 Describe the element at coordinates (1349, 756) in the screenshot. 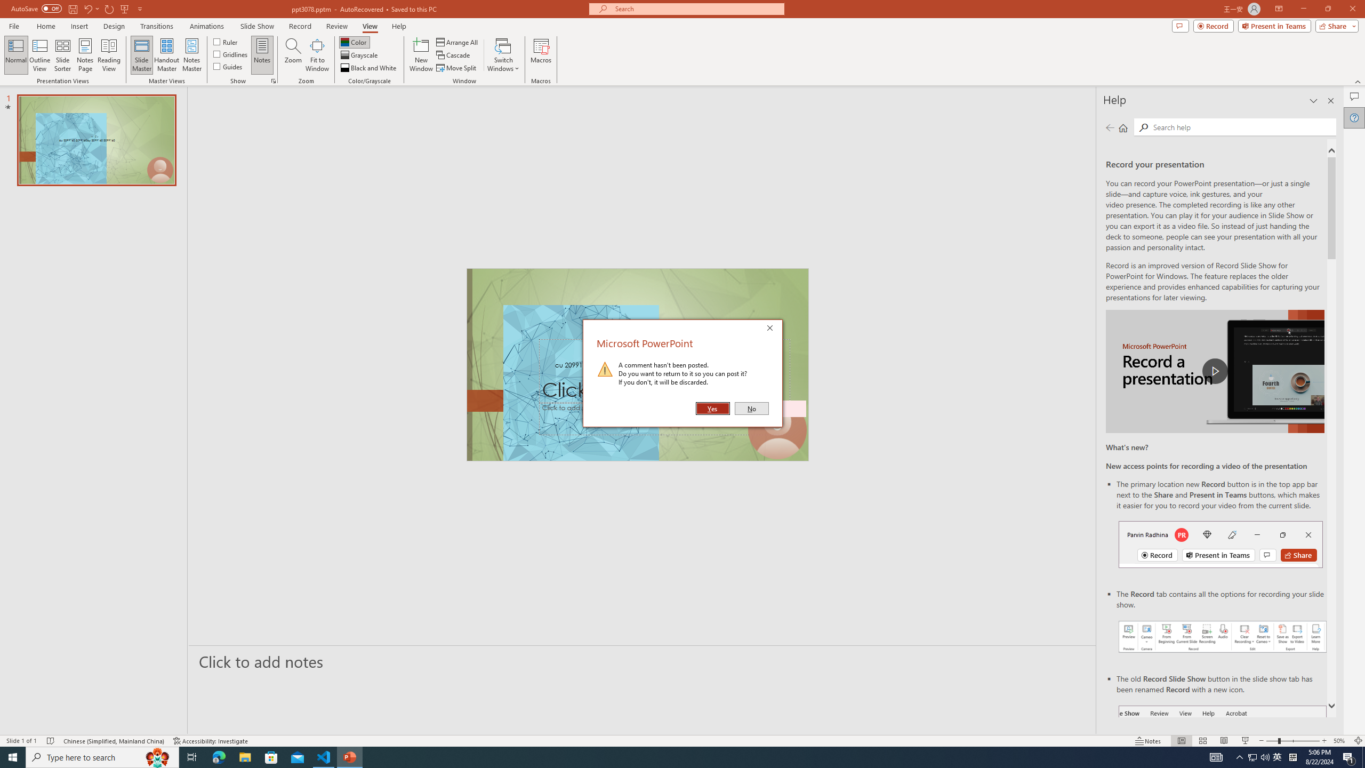

I see `'Action Center, 1 new notification'` at that location.